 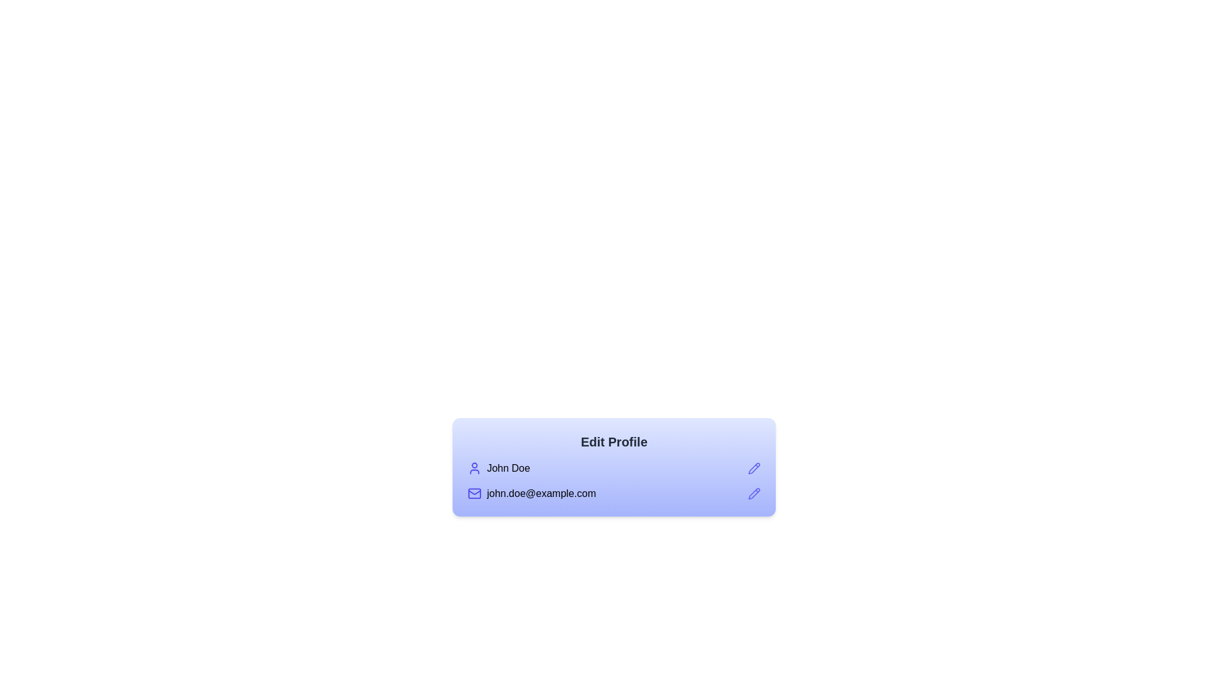 I want to click on the text label containing the email address 'john.doe@example.com', which is styled in a standard sans-serif font and is located beneath the 'John Doe' label and user icon, with a pencil icon adjacent for editing, so click(x=541, y=493).